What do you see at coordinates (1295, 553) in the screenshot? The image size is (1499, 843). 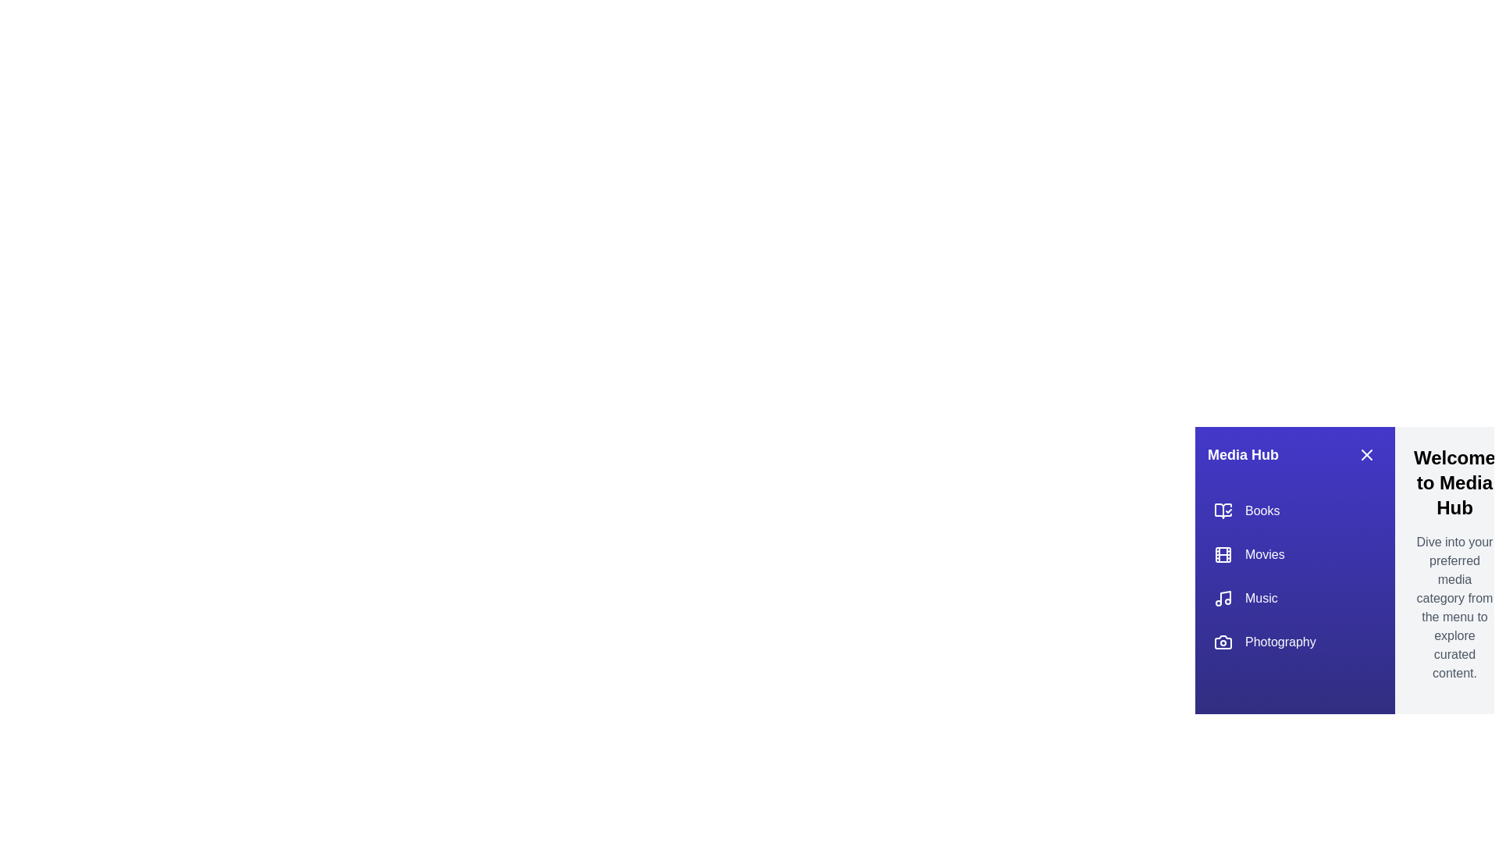 I see `the category Movies to select it` at bounding box center [1295, 553].